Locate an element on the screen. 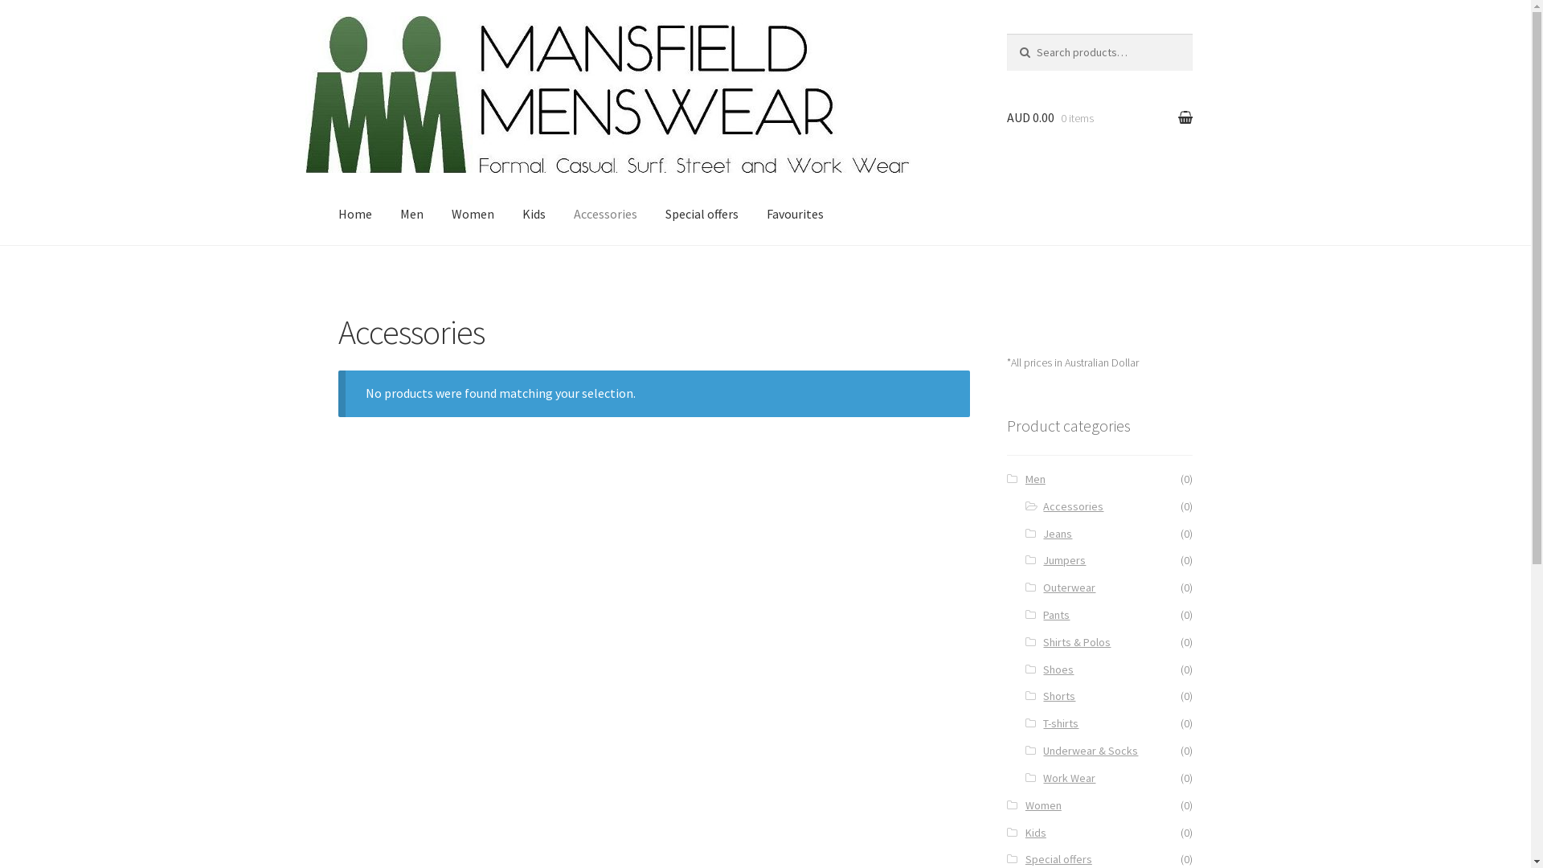 The image size is (1543, 868). 'Women' is located at coordinates (1043, 805).